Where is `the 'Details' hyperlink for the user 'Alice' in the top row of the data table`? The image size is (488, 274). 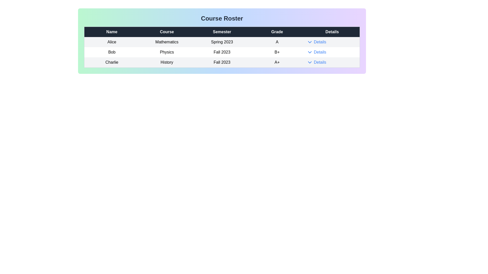
the 'Details' hyperlink for the user 'Alice' in the top row of the data table is located at coordinates (319, 42).